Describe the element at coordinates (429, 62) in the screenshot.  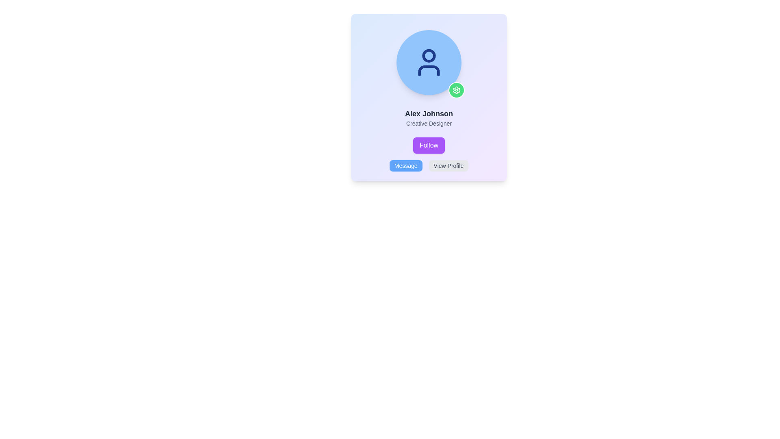
I see `the circular Profile Avatar with a blue background and a person icon` at that location.